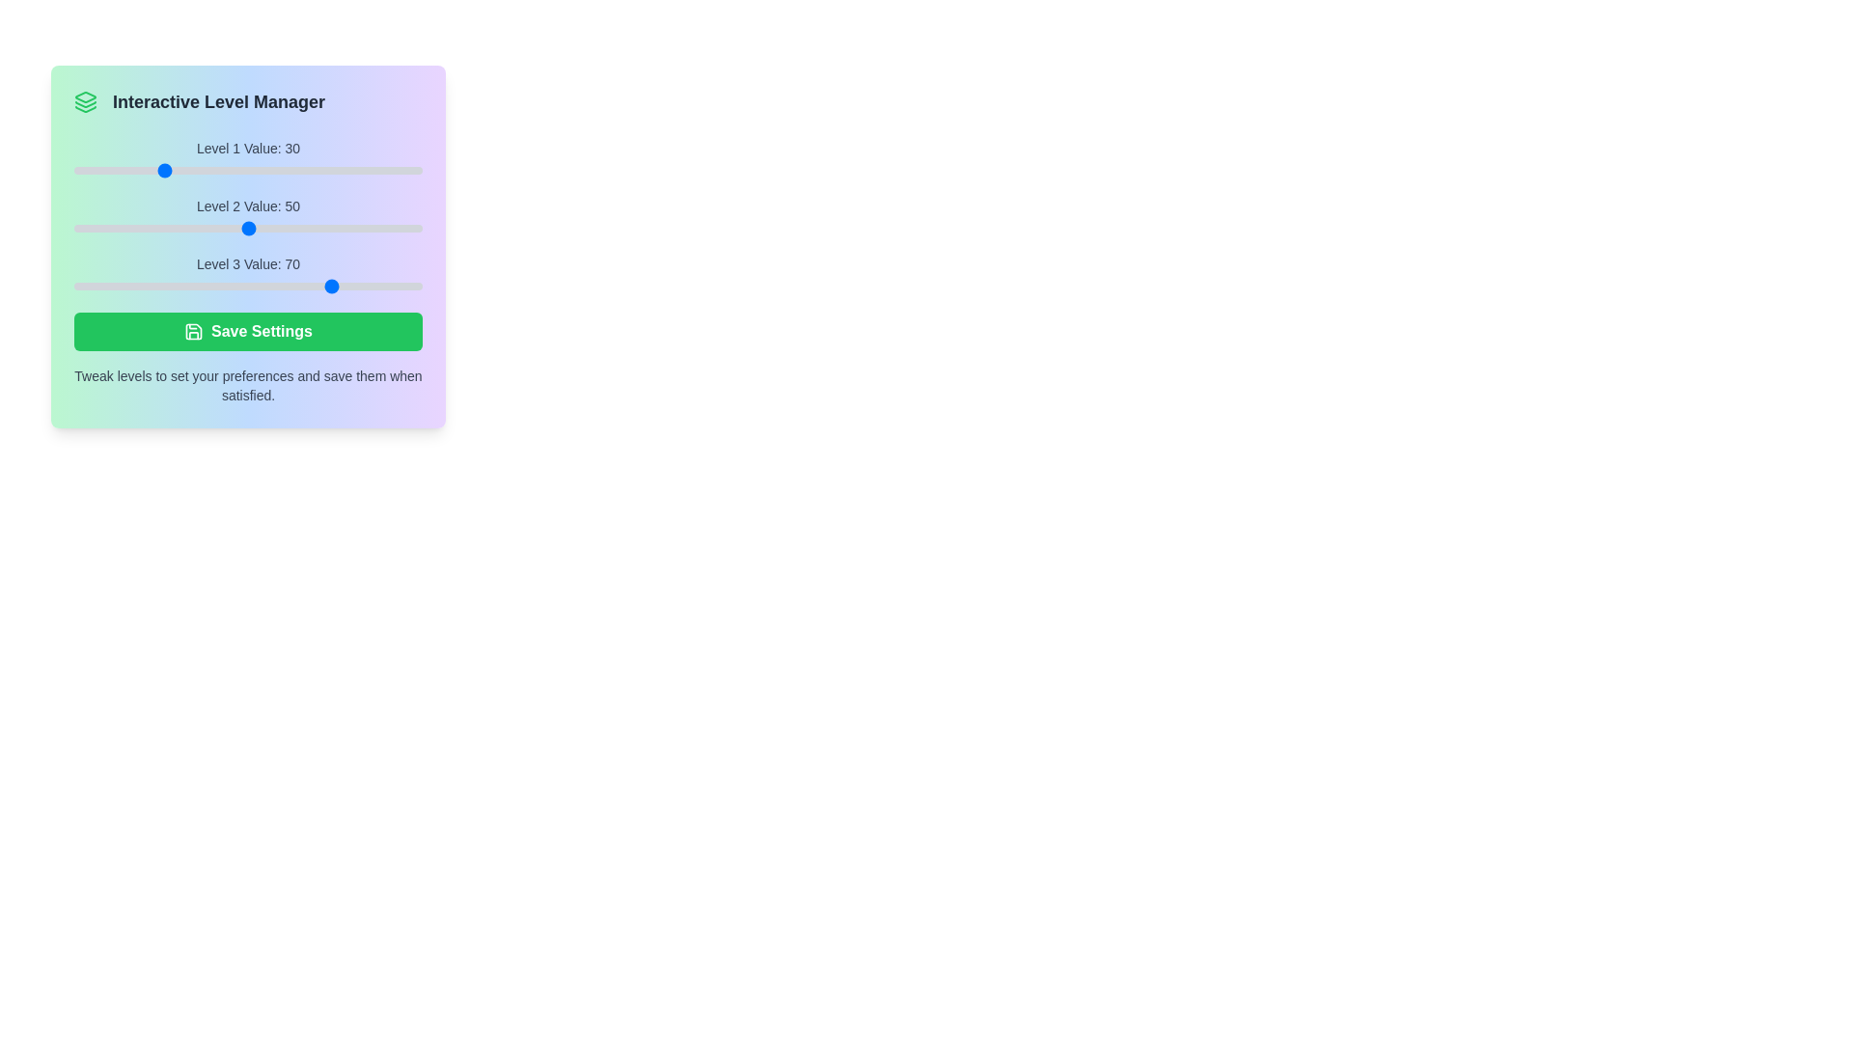 The image size is (1853, 1042). I want to click on the Level 3 Value slider, so click(374, 287).